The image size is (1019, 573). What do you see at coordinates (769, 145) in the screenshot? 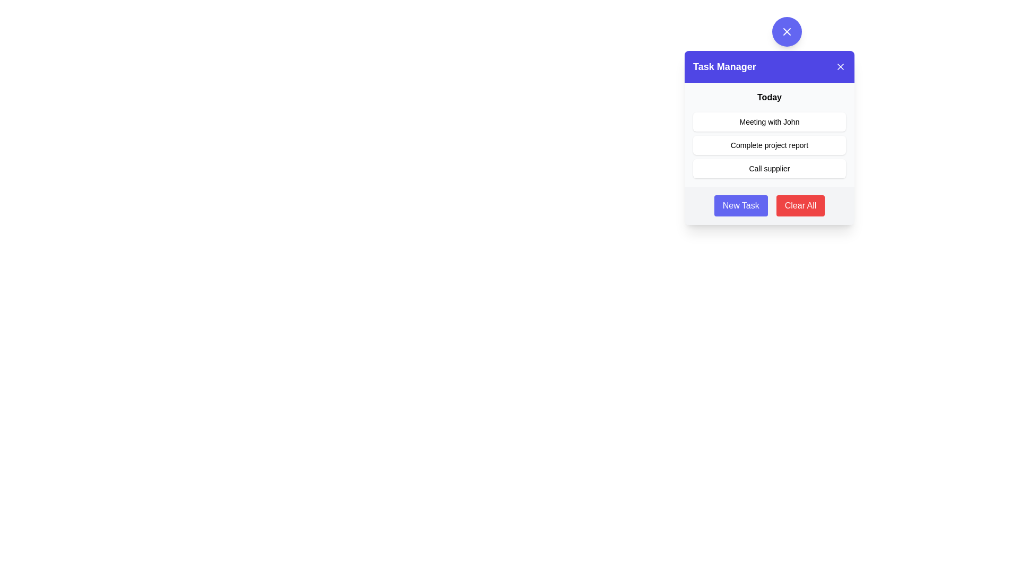
I see `the second task item in the task manager interface, which represents a task and is located between 'Meeting with John' and 'Call supplier'` at bounding box center [769, 145].